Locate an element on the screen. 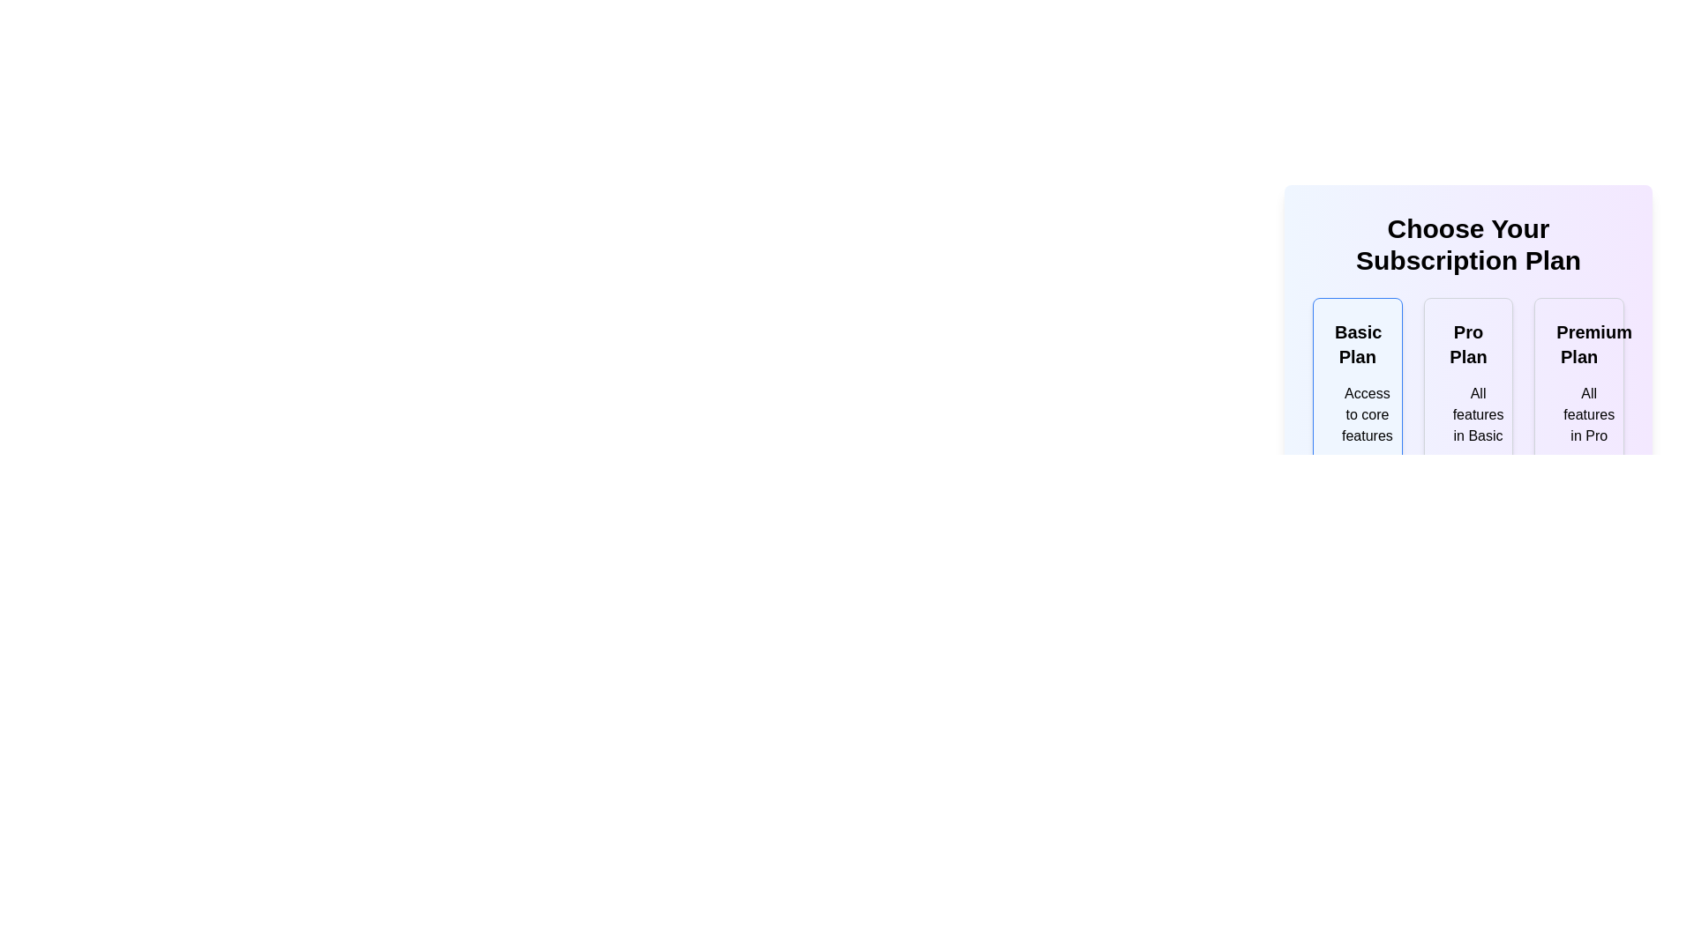  the Text label that indicates features included in the 'Pro Plan' under the 'Basic' plan section is located at coordinates (1478, 414).